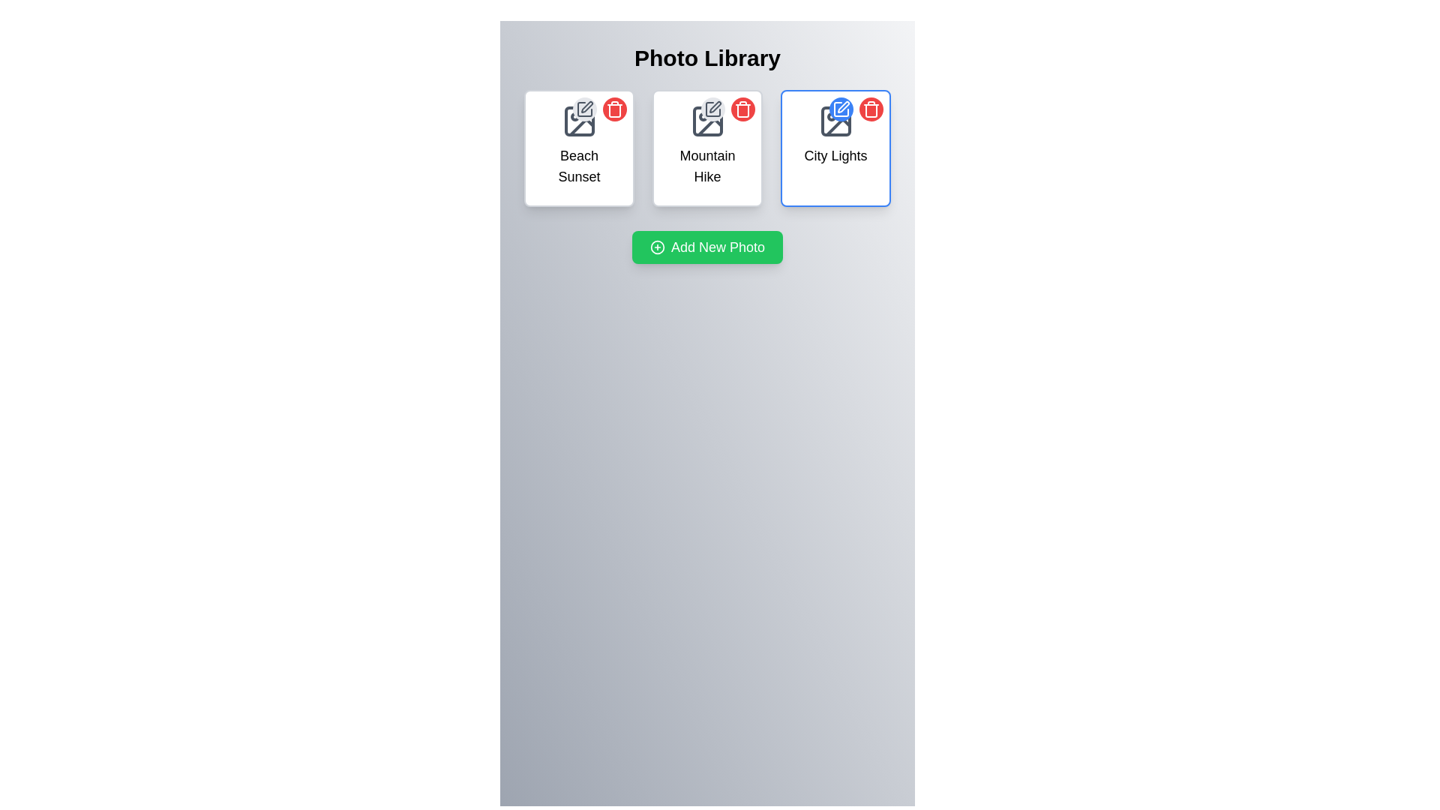 This screenshot has width=1440, height=810. I want to click on the circular outline graphic icon located at the center of the green button labeled 'Add New Photo', so click(657, 247).